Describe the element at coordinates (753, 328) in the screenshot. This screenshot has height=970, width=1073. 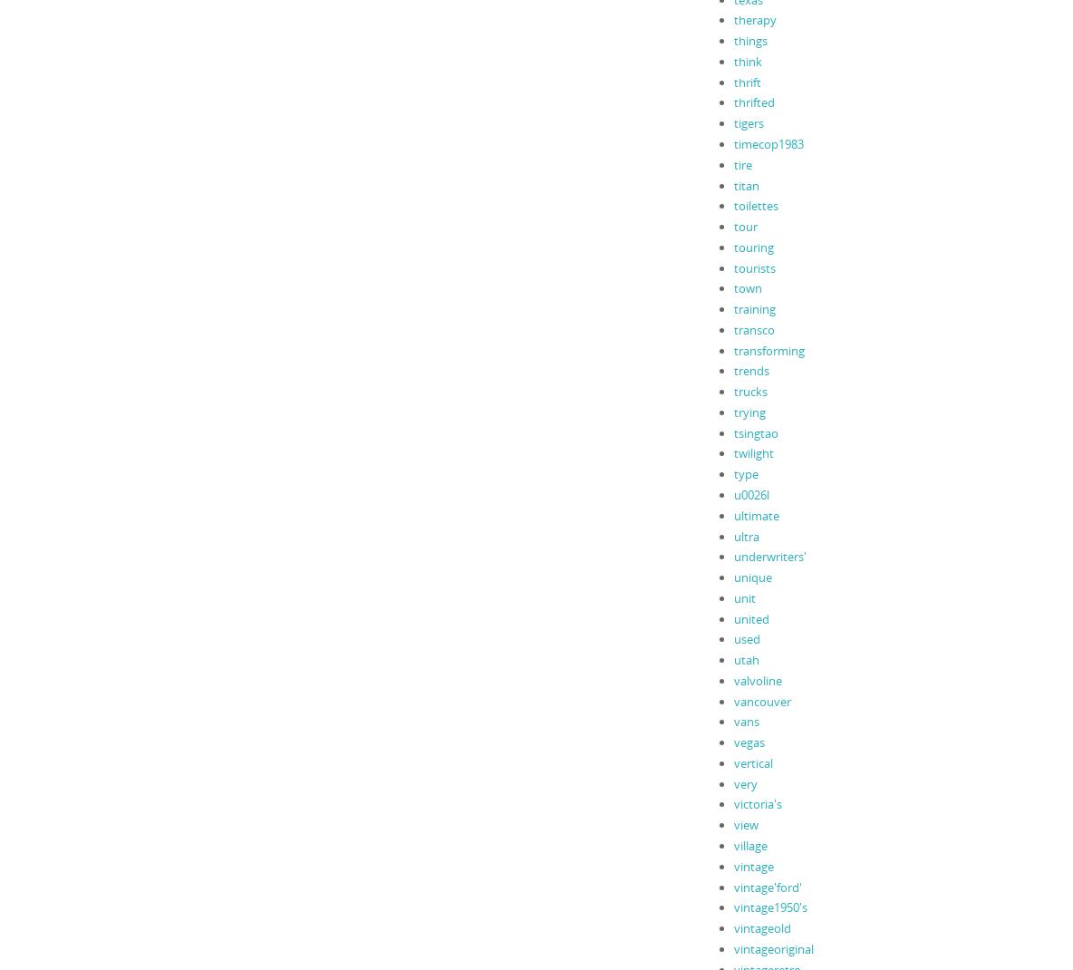
I see `'transco'` at that location.